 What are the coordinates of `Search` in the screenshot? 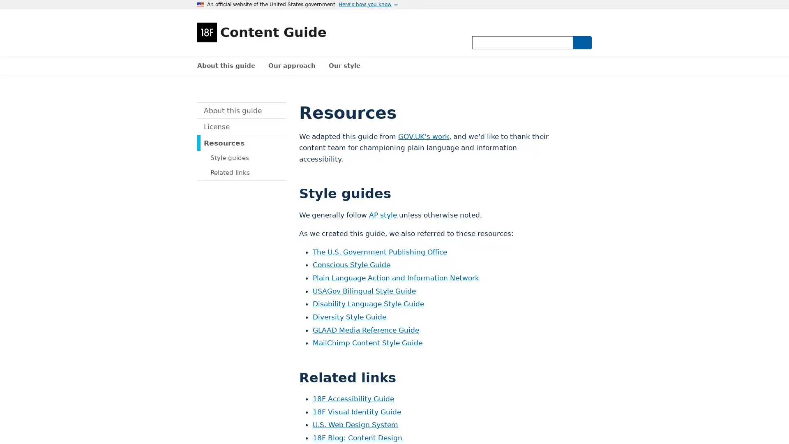 It's located at (581, 42).